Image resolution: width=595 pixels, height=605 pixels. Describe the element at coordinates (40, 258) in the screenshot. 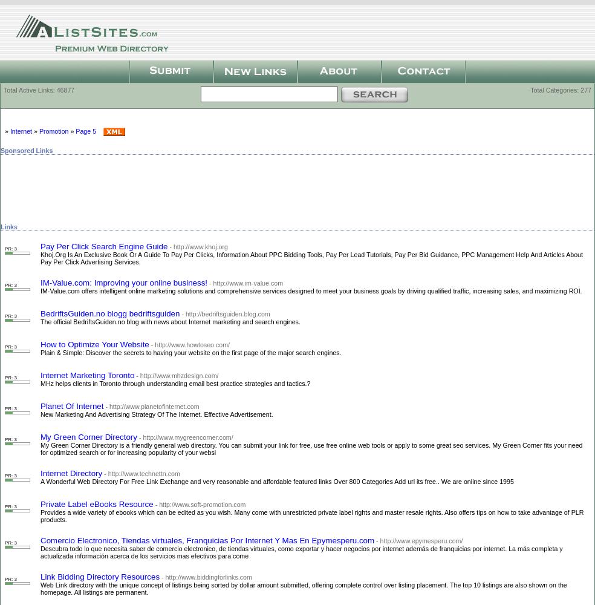

I see `'Khoj.Org Is An Exclusive Book Or A Guide To Pay Per Clicks, Information About PPC Bidding Tools, 
Pay Per Lead Tutorials, Pay Per Bid Guidance,
PPC Management Help And Articles About Pay Per Click Advertising Services.'` at that location.